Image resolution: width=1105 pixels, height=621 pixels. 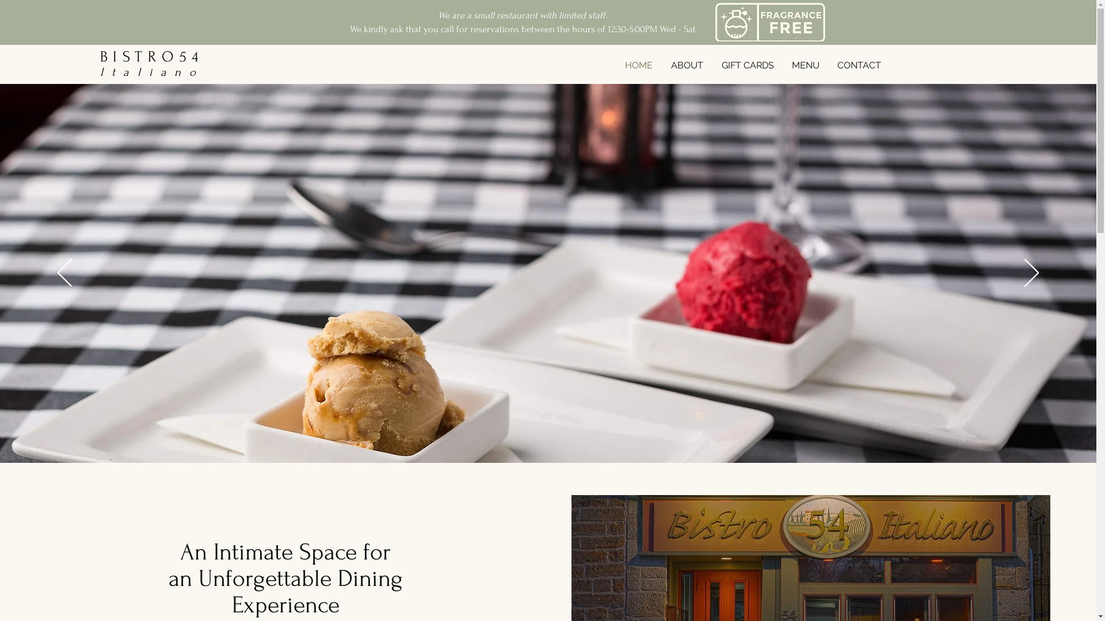 What do you see at coordinates (687, 66) in the screenshot?
I see `'ABOUT'` at bounding box center [687, 66].